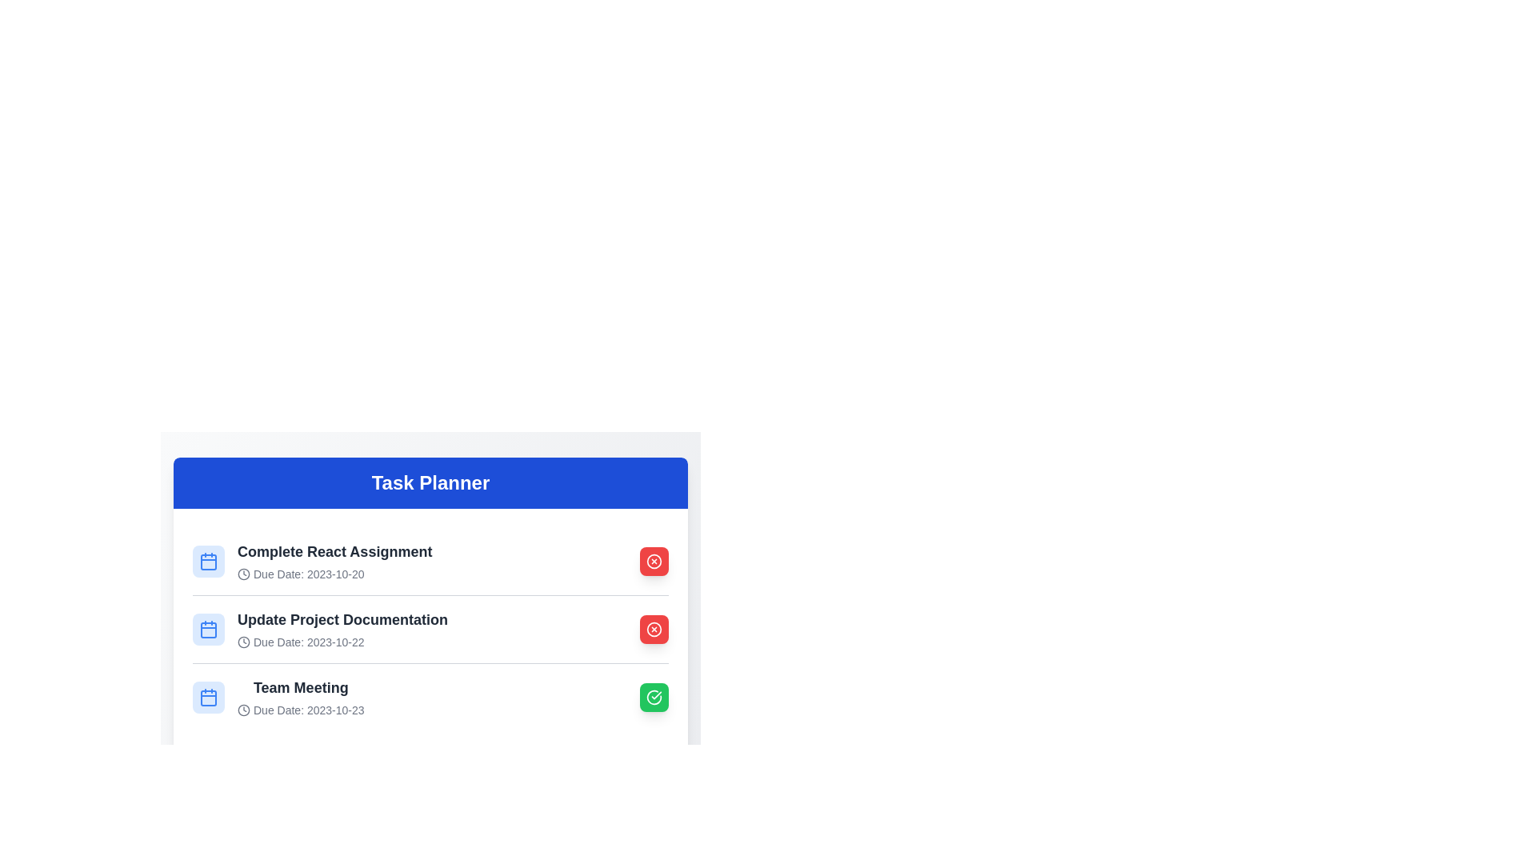 This screenshot has width=1536, height=864. Describe the element at coordinates (207, 629) in the screenshot. I see `the calendar icon, which is a light blue rectangular shape with rounded corners, located on the left side of the 'Update Project Documentation' task entry` at that location.